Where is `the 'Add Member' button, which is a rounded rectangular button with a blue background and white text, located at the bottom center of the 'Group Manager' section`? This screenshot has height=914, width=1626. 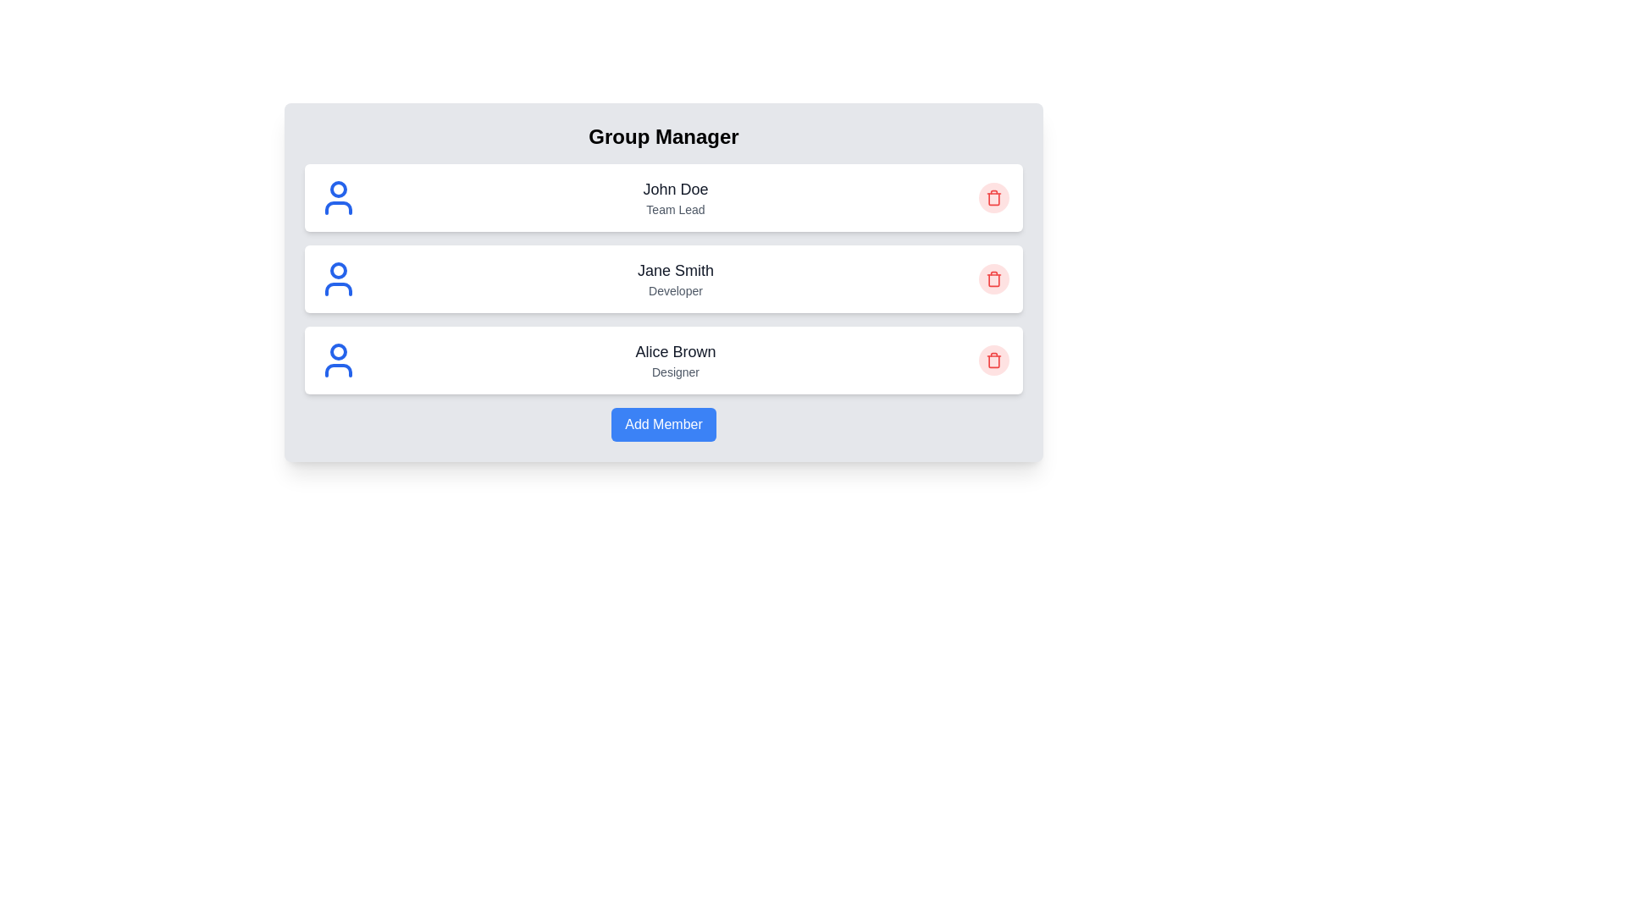 the 'Add Member' button, which is a rounded rectangular button with a blue background and white text, located at the bottom center of the 'Group Manager' section is located at coordinates (662, 423).